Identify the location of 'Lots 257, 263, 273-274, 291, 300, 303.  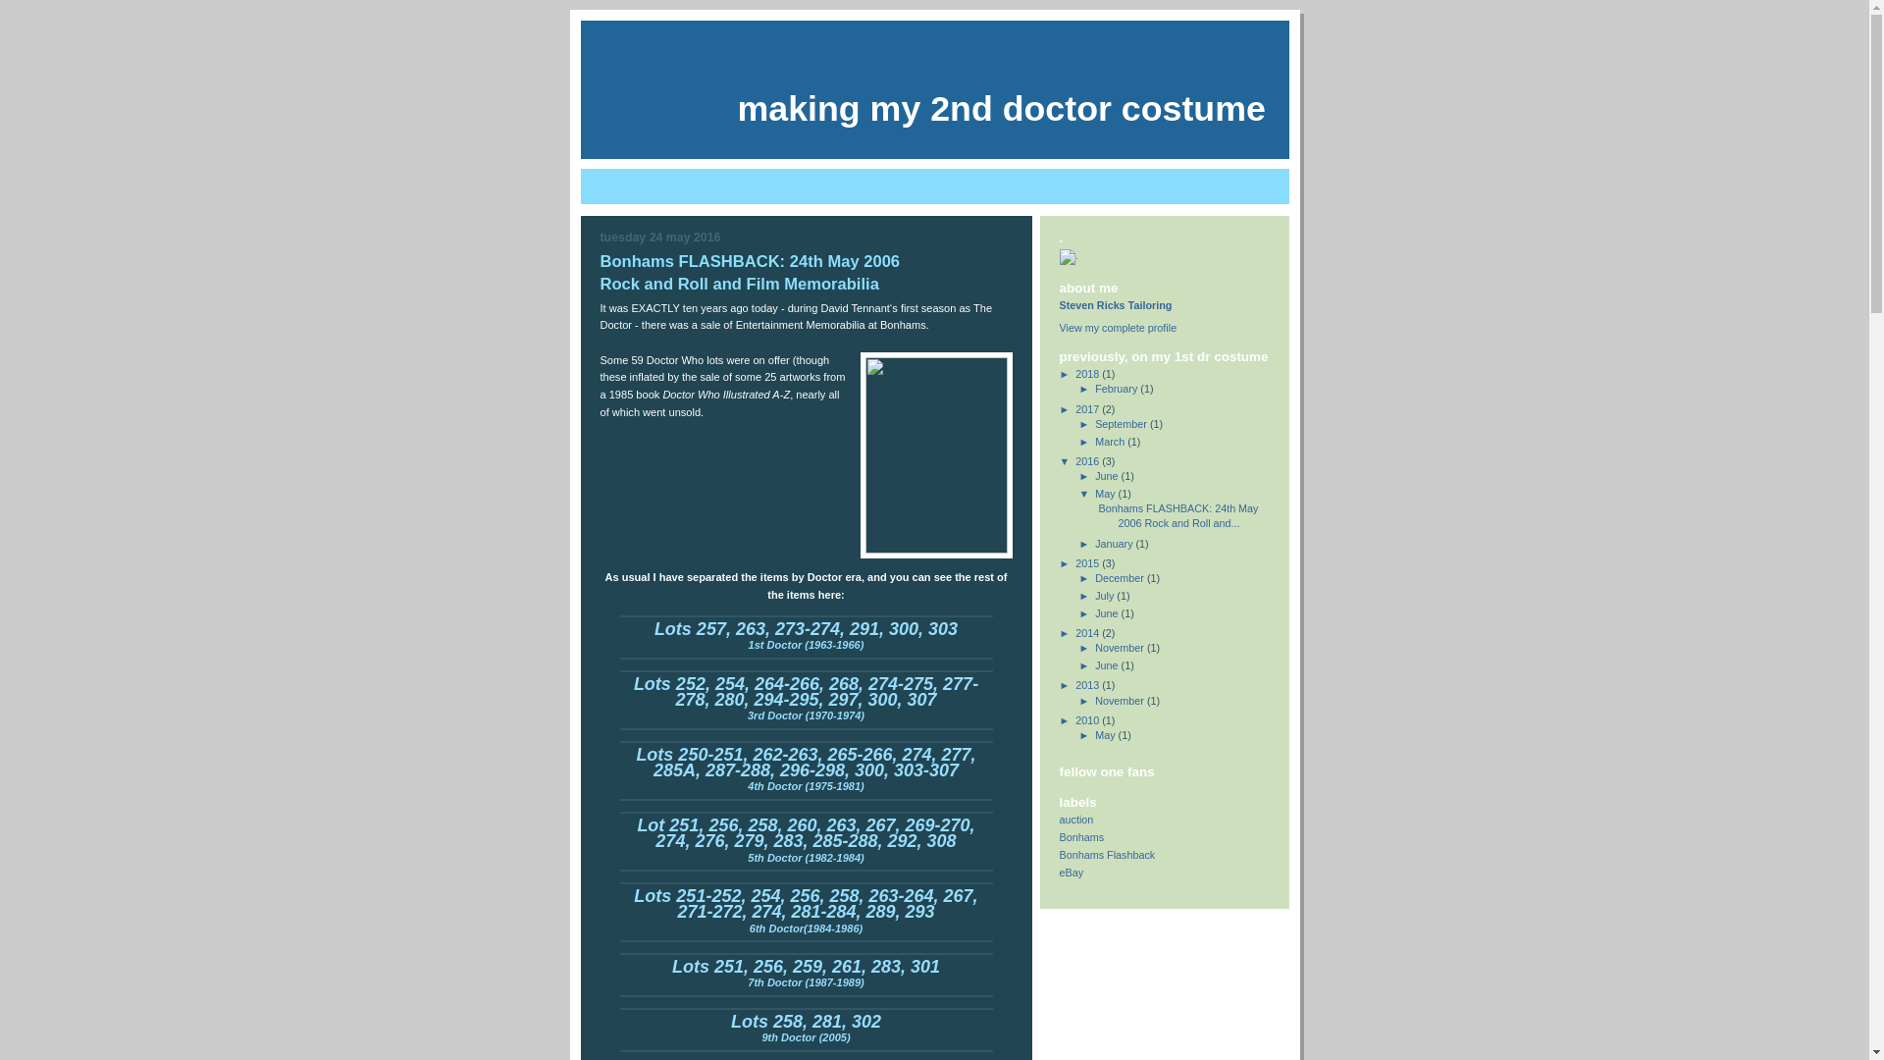
(806, 638).